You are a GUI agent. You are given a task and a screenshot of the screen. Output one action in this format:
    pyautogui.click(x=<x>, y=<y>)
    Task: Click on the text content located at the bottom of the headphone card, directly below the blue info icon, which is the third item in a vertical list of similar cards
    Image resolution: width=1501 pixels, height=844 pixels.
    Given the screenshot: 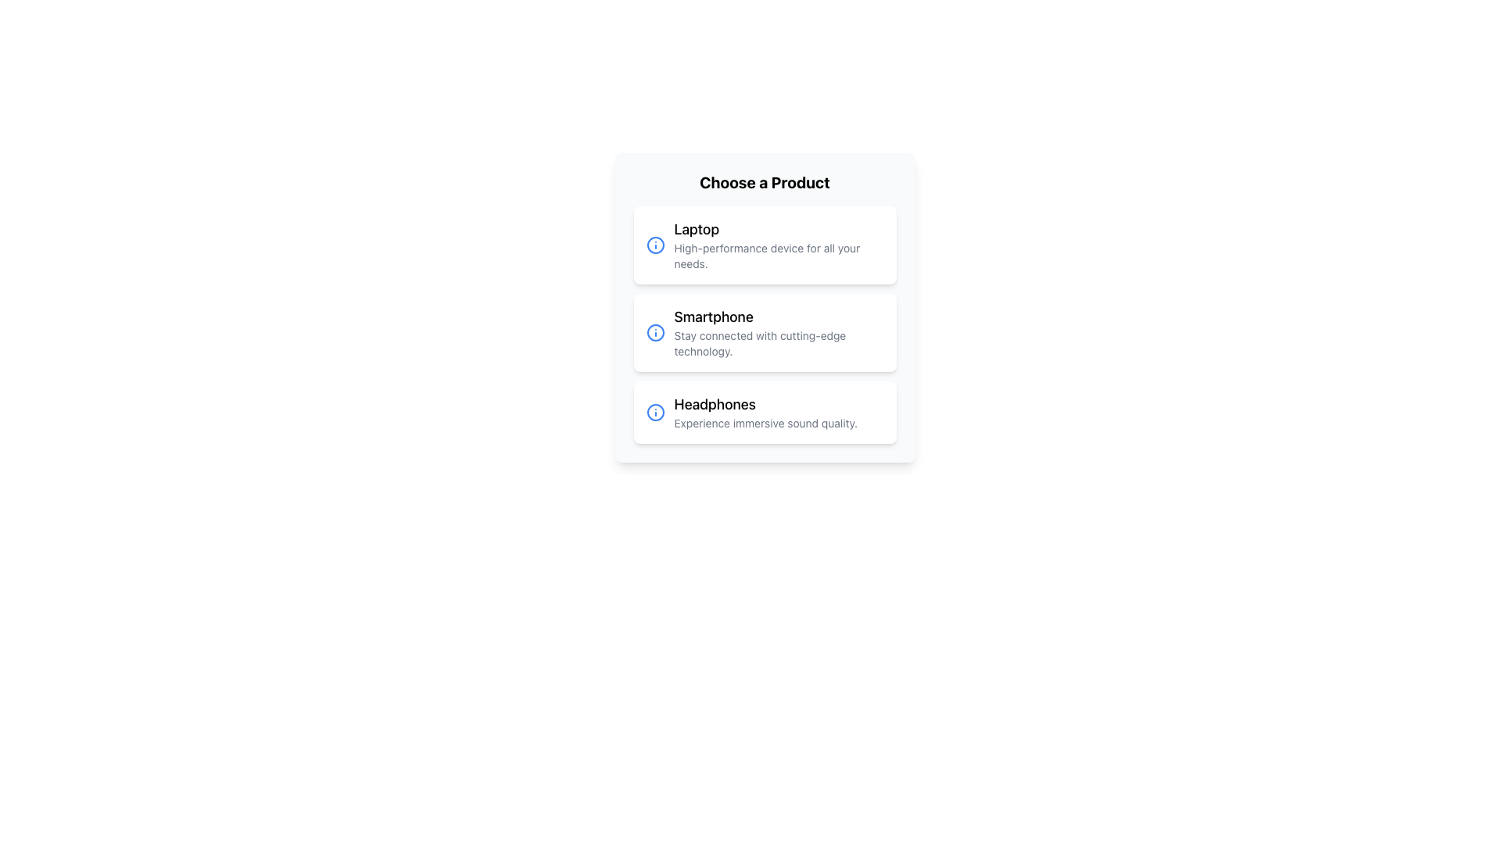 What is the action you would take?
    pyautogui.click(x=779, y=412)
    